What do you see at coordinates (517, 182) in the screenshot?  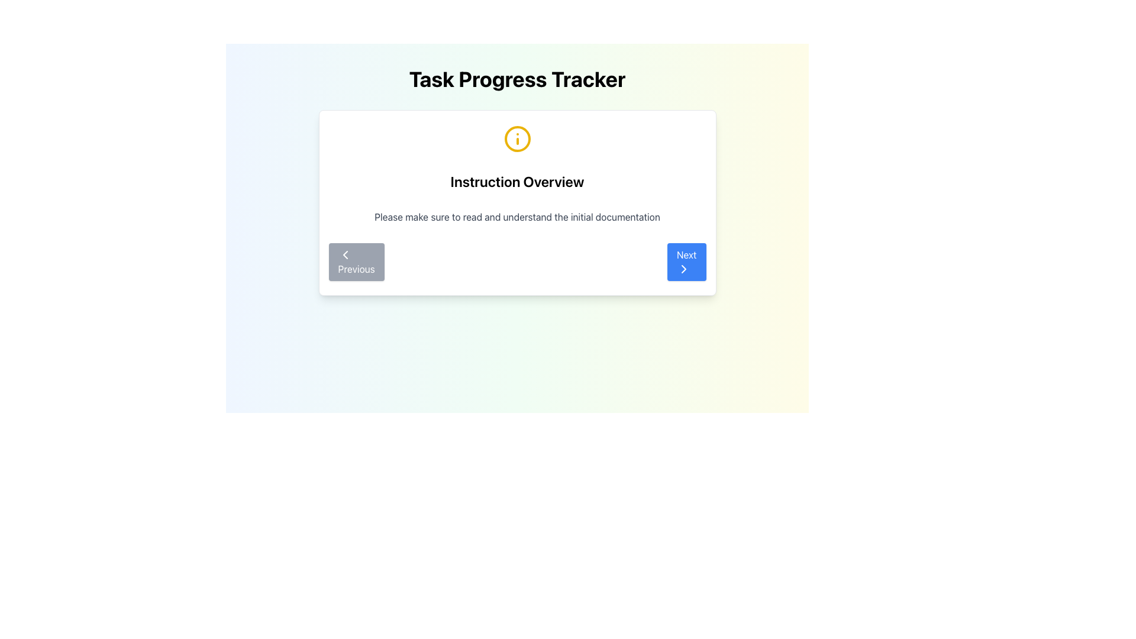 I see `the text header element displaying 'Instruction Overview', which is a large, bold, center-aligned text located within a white card component` at bounding box center [517, 182].